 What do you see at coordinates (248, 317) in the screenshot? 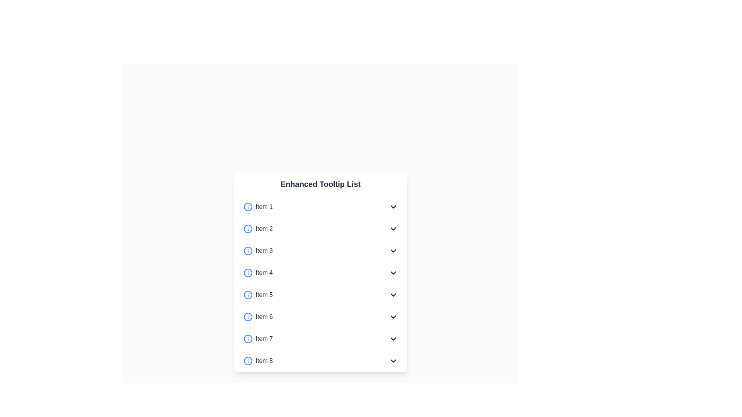
I see `the blue information icon with a circular border, located to the left of the text 'Item 6'` at bounding box center [248, 317].